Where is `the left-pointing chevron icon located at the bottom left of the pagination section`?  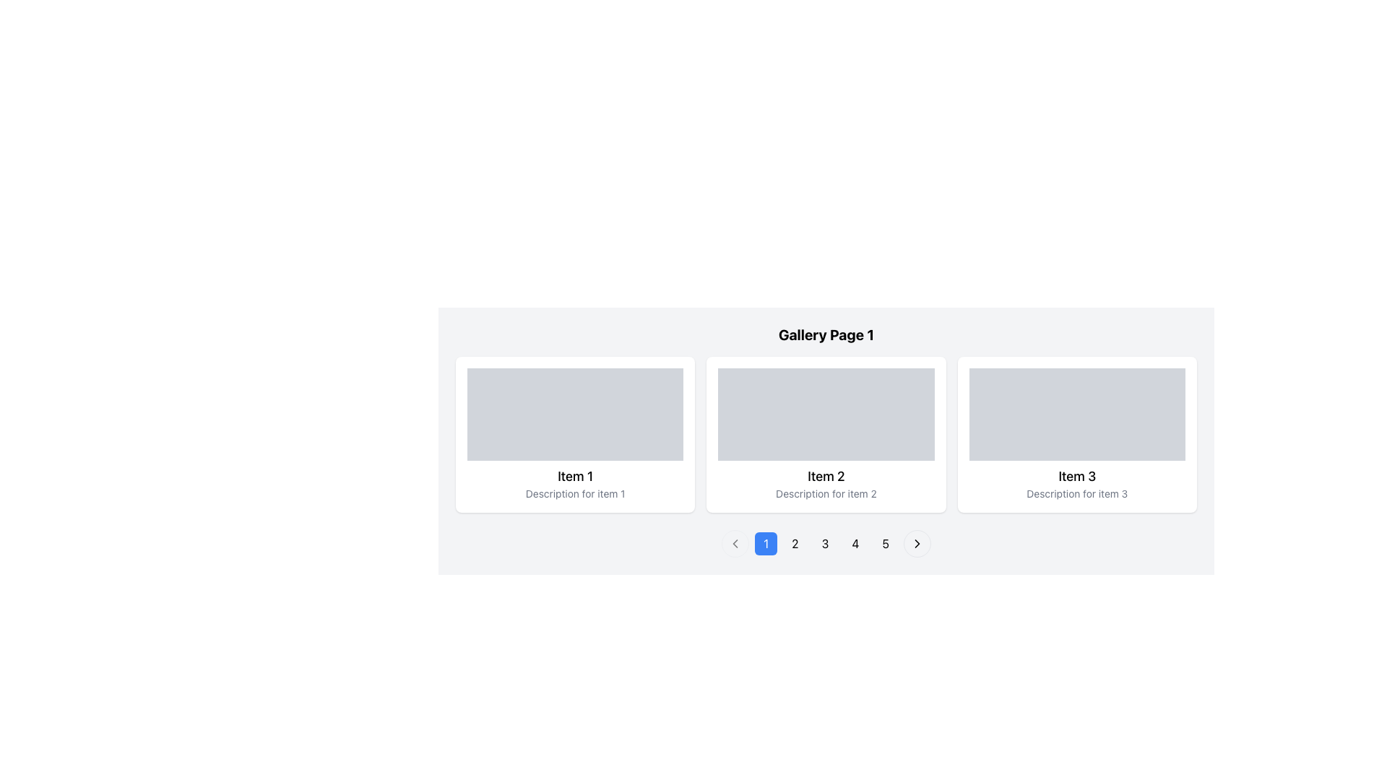
the left-pointing chevron icon located at the bottom left of the pagination section is located at coordinates (735, 543).